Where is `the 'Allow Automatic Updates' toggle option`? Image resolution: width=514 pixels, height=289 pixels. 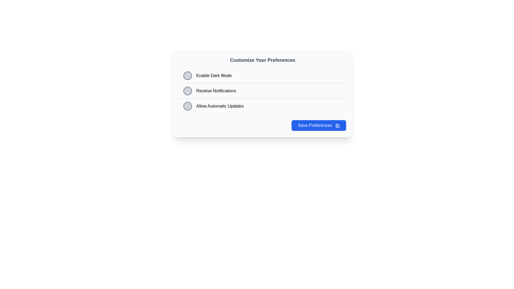 the 'Allow Automatic Updates' toggle option is located at coordinates (213, 106).